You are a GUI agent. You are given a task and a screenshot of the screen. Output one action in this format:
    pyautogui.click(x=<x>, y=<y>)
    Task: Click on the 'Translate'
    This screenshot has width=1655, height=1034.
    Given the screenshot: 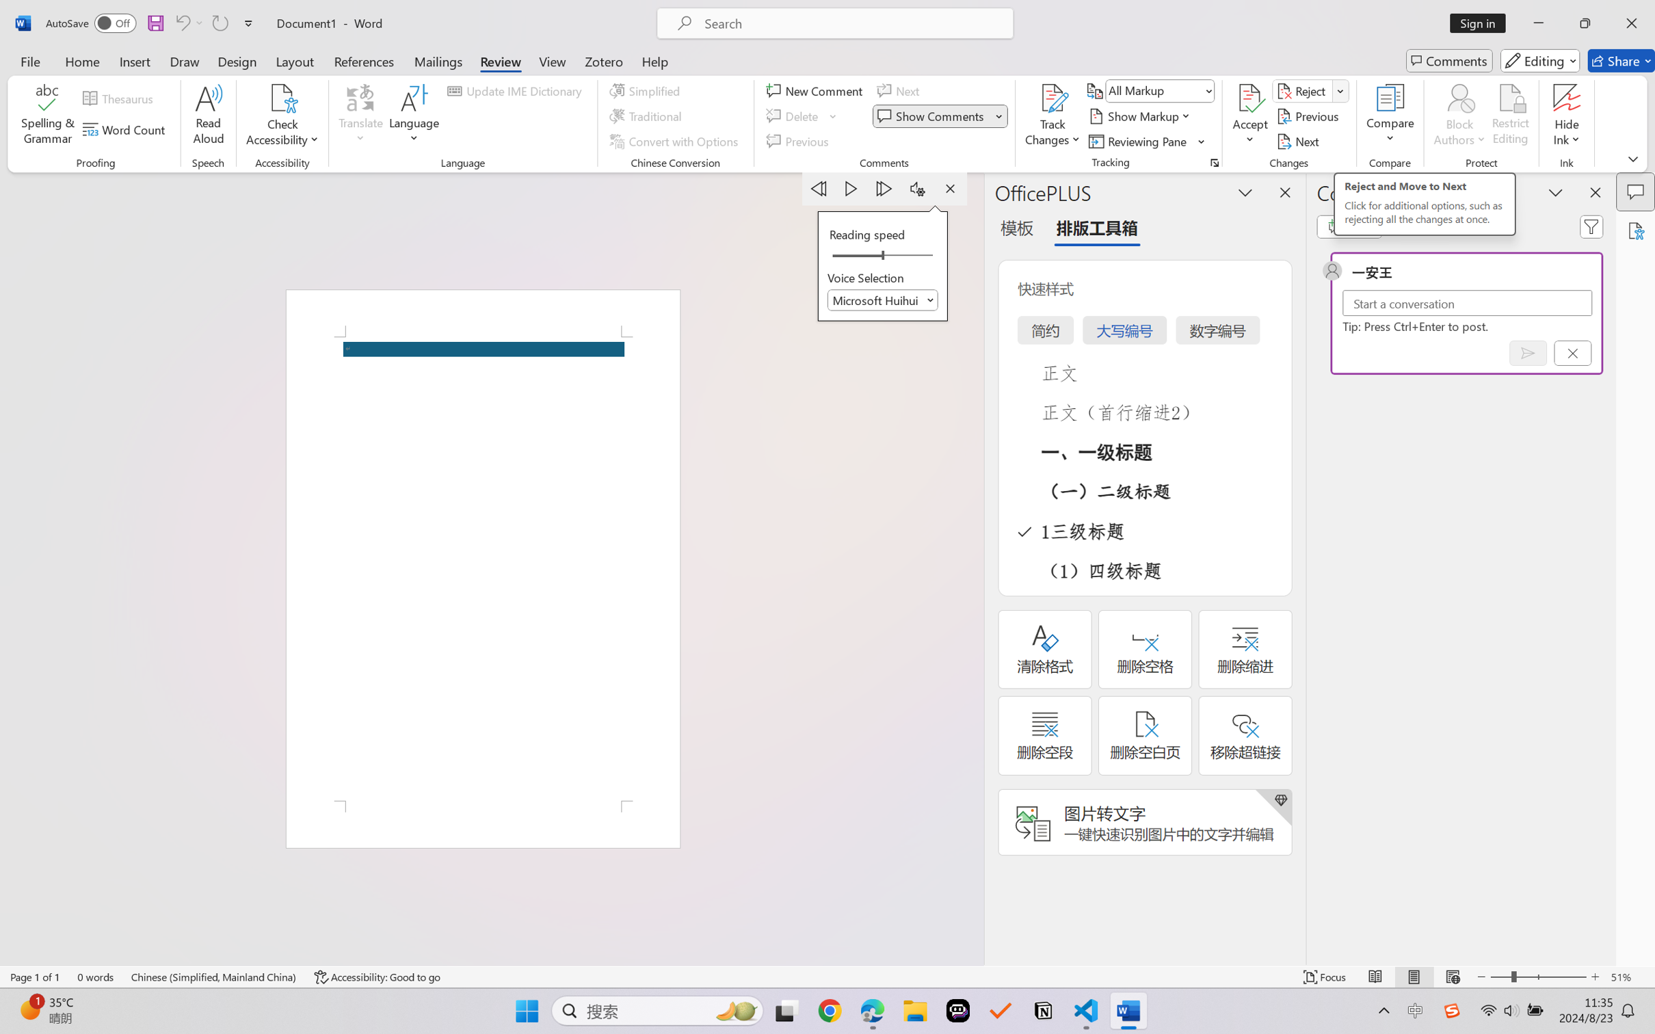 What is the action you would take?
    pyautogui.click(x=360, y=116)
    